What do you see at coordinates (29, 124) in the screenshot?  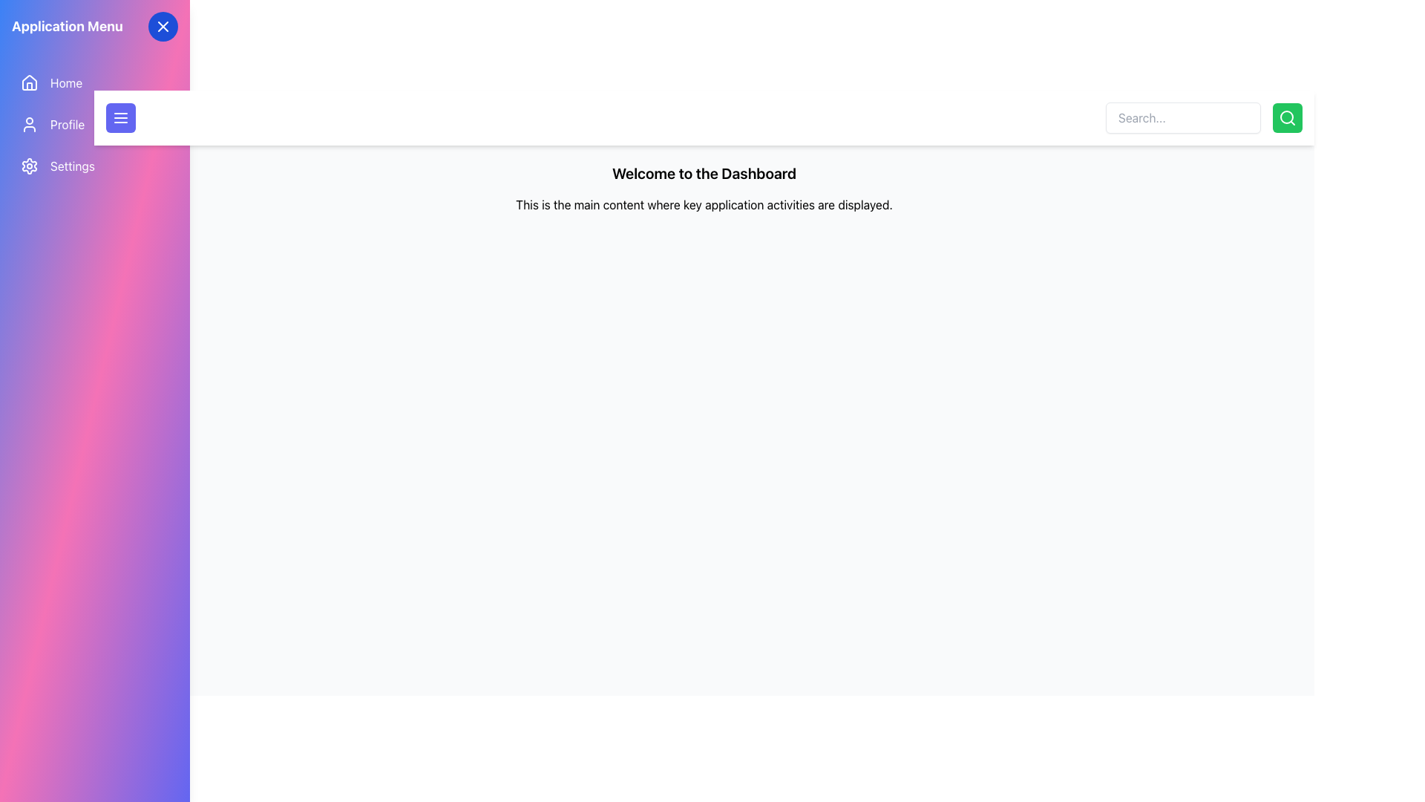 I see `the 'Profile' icon in the left sidebar navigation menu, which visually represents the 'Profile' menu item` at bounding box center [29, 124].